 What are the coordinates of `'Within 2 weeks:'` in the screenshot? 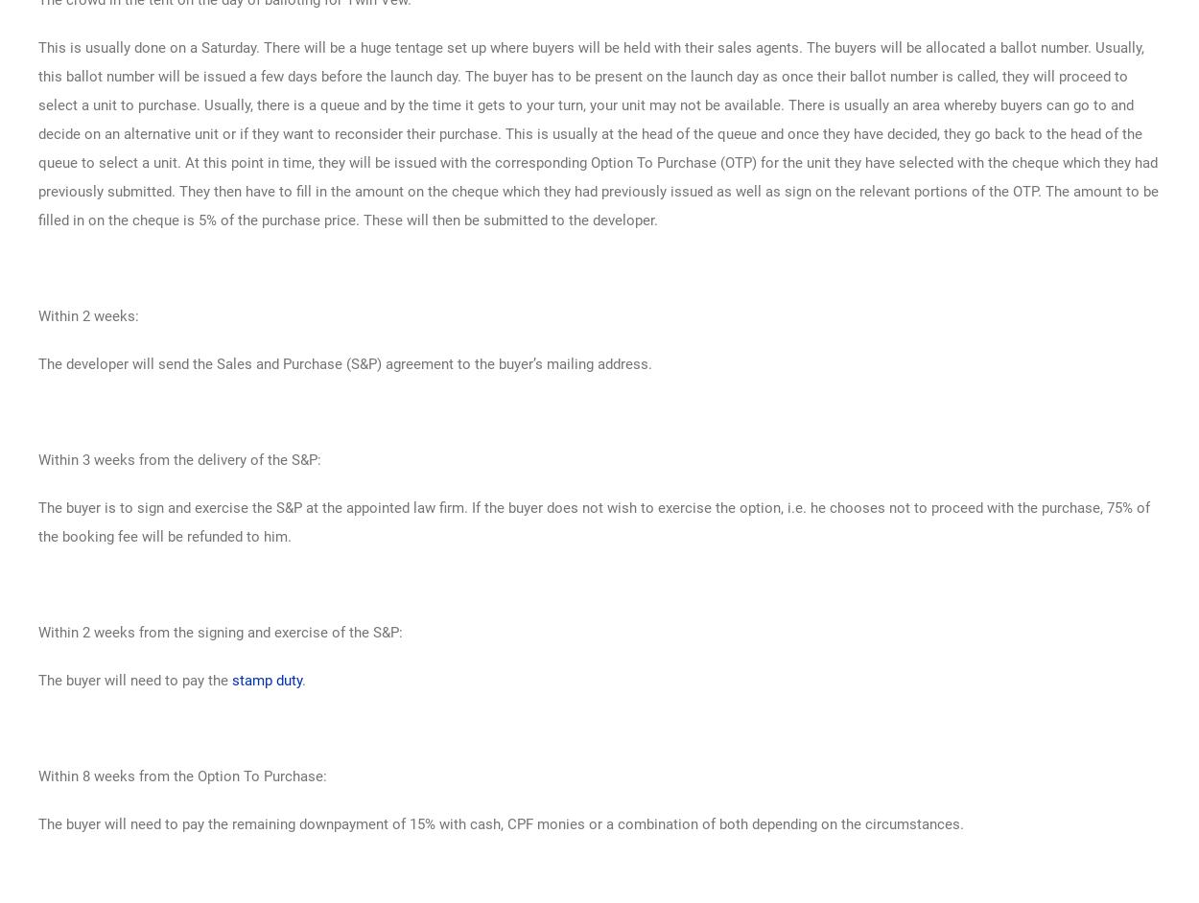 It's located at (87, 315).